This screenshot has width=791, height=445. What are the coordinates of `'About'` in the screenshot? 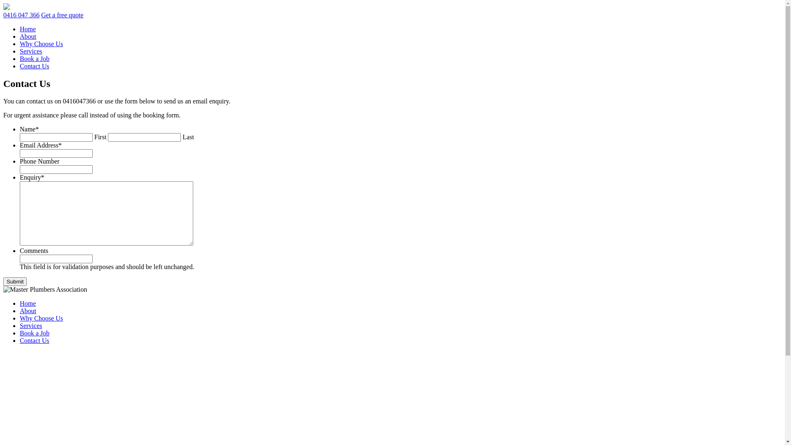 It's located at (28, 311).